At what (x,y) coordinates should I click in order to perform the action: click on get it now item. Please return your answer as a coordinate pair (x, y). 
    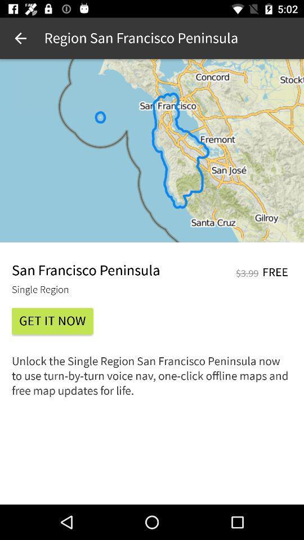
    Looking at the image, I should click on (52, 321).